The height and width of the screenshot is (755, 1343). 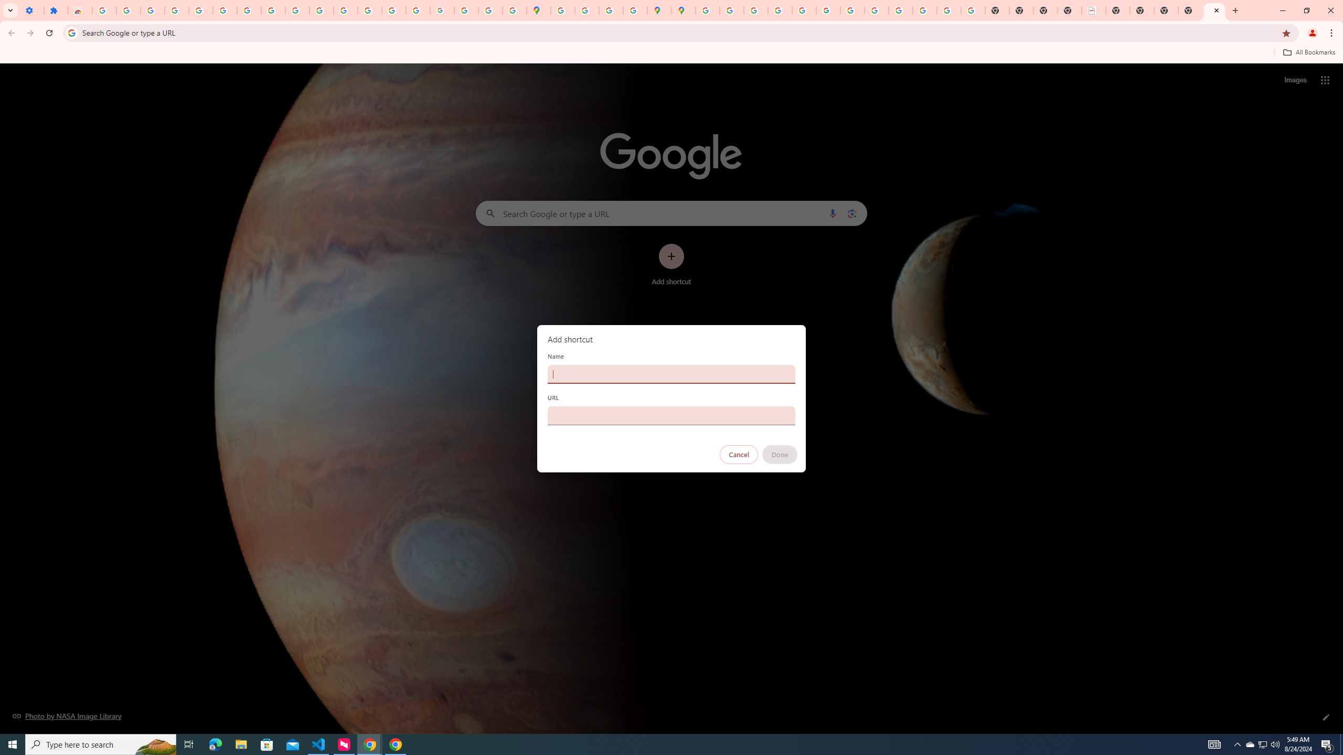 I want to click on 'Browse Chrome as a guest - Computer - Google Chrome Help', so click(x=876, y=10).